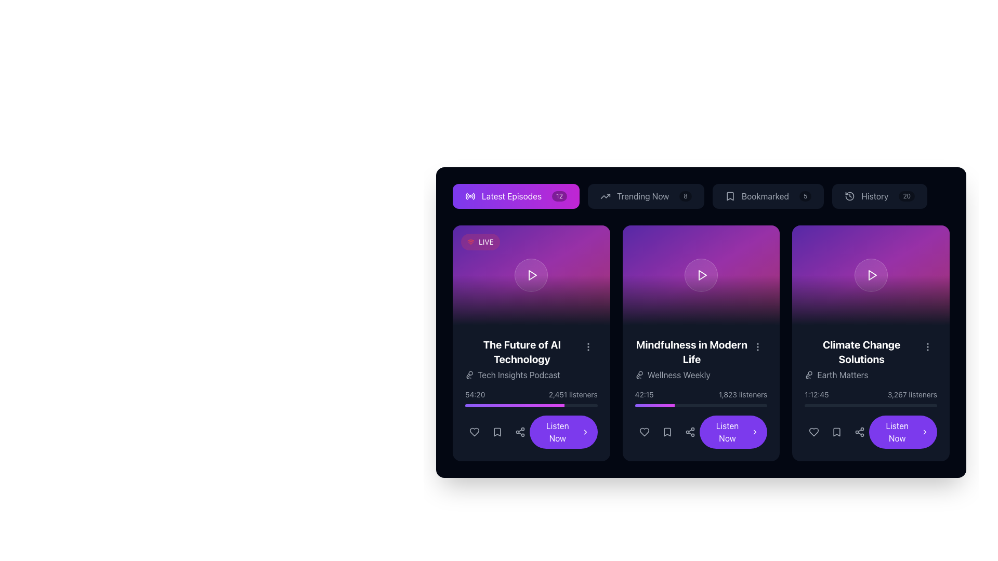  I want to click on the text label displaying the duration of the audio content for the episode 'Mindfulness in Modern Life', located in the lower left section of the card interface, so click(644, 394).